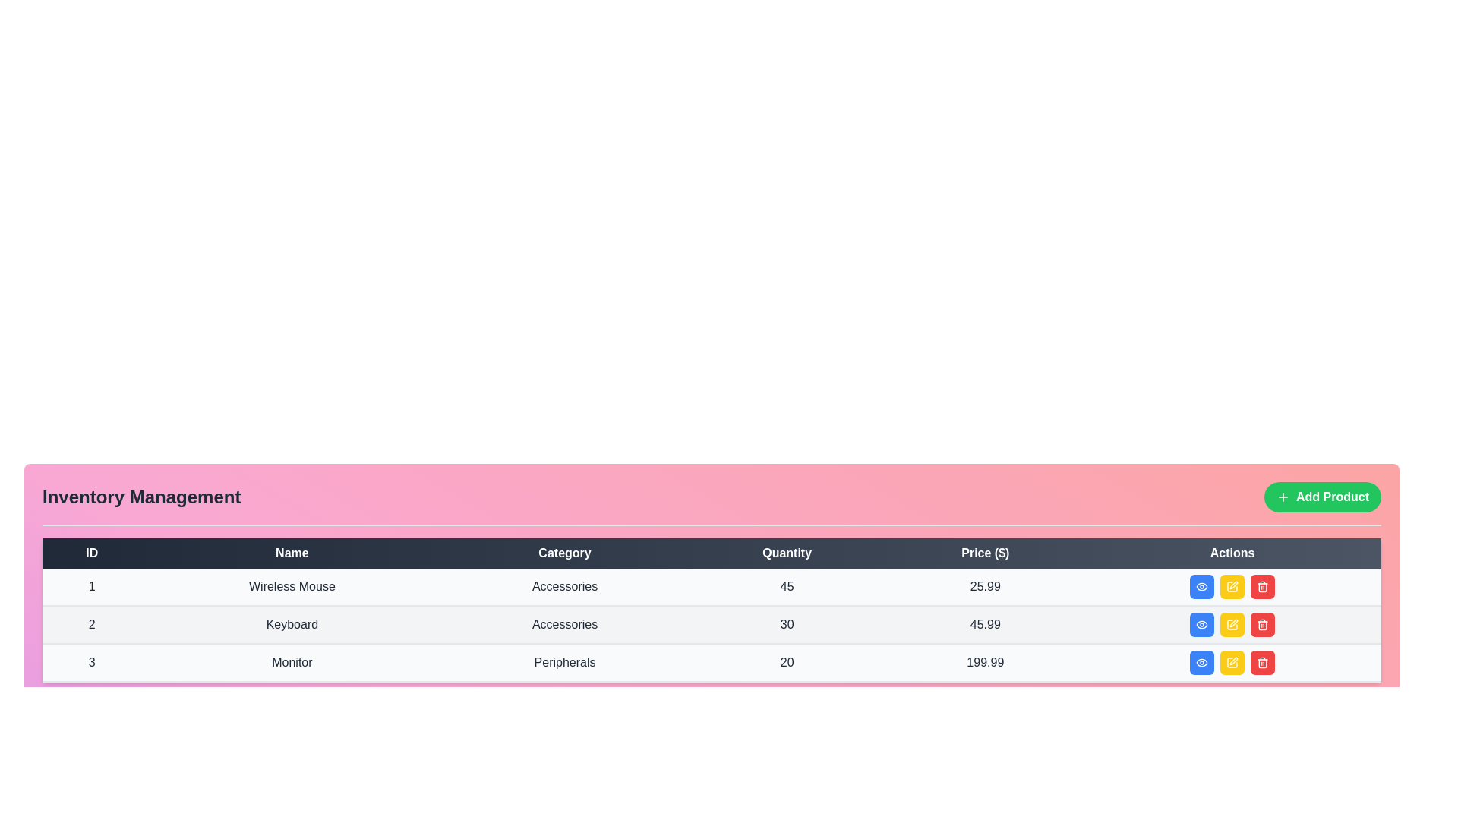 Image resolution: width=1458 pixels, height=820 pixels. I want to click on the Text label displaying the quantity of the item 'Keyboard' located in the fourth column of the second row in the inventory management table, so click(787, 624).